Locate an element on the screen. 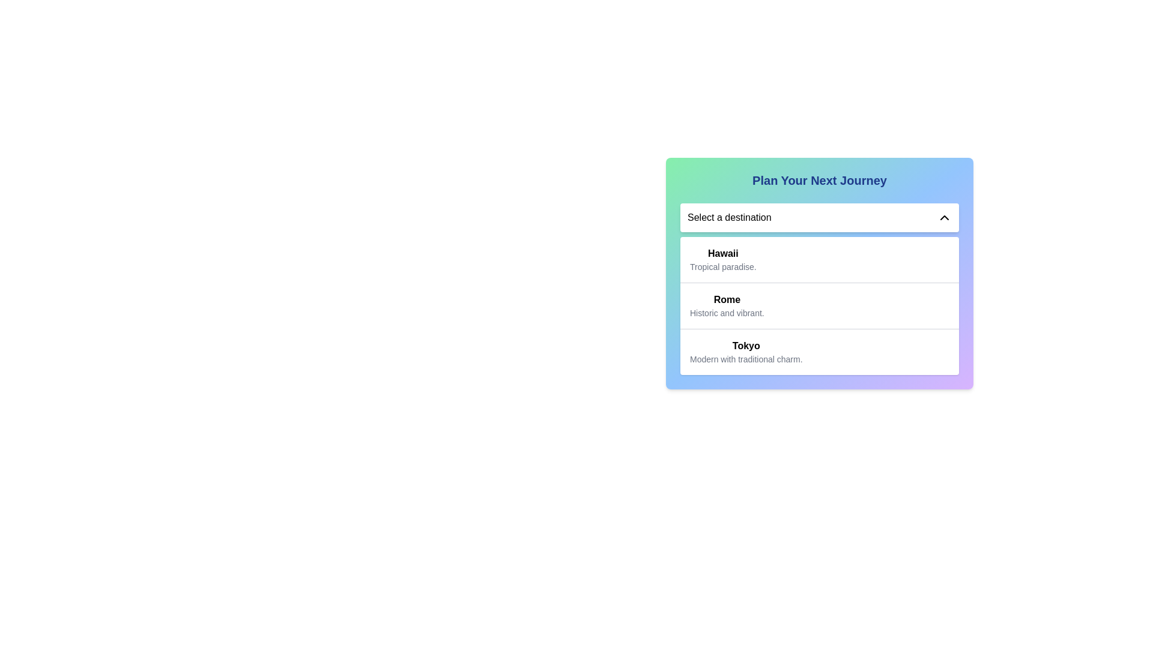 This screenshot has width=1153, height=648. the bold title of the 'Rome' option in the dropdown menu, which is located between 'Hawaii' and 'Tokyo' is located at coordinates (726, 299).